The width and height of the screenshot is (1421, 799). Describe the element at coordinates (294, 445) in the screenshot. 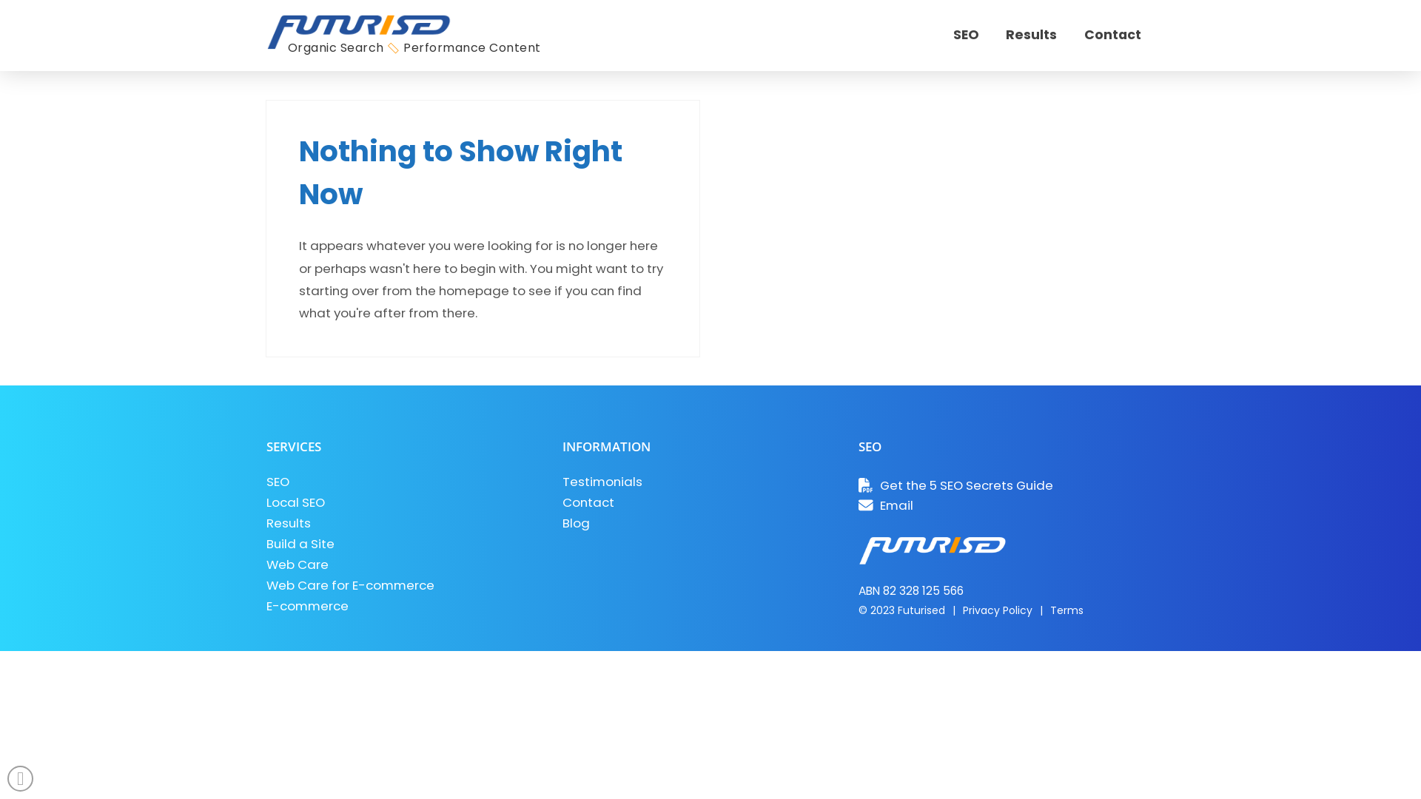

I see `'SERVICES'` at that location.